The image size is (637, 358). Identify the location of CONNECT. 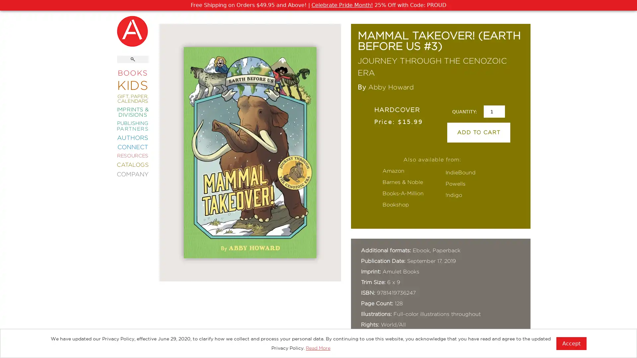
(132, 146).